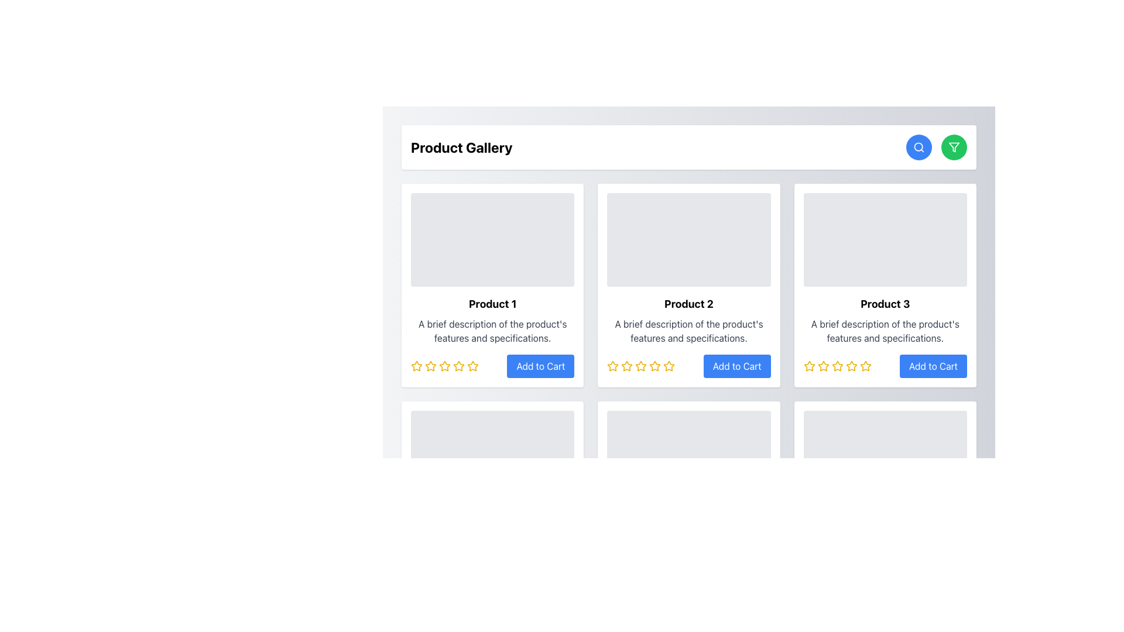 Image resolution: width=1124 pixels, height=632 pixels. What do you see at coordinates (640, 365) in the screenshot?
I see `the fourth star-shaped icon with a yellow outline in the rating section under 'Product 2'` at bounding box center [640, 365].